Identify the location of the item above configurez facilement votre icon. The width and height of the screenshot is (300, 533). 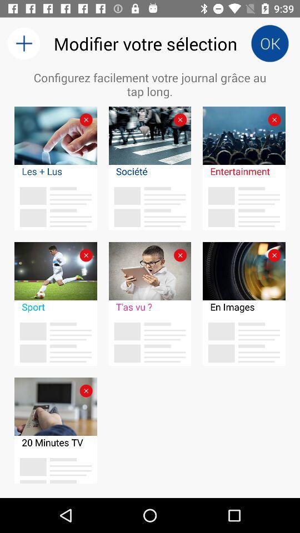
(23, 43).